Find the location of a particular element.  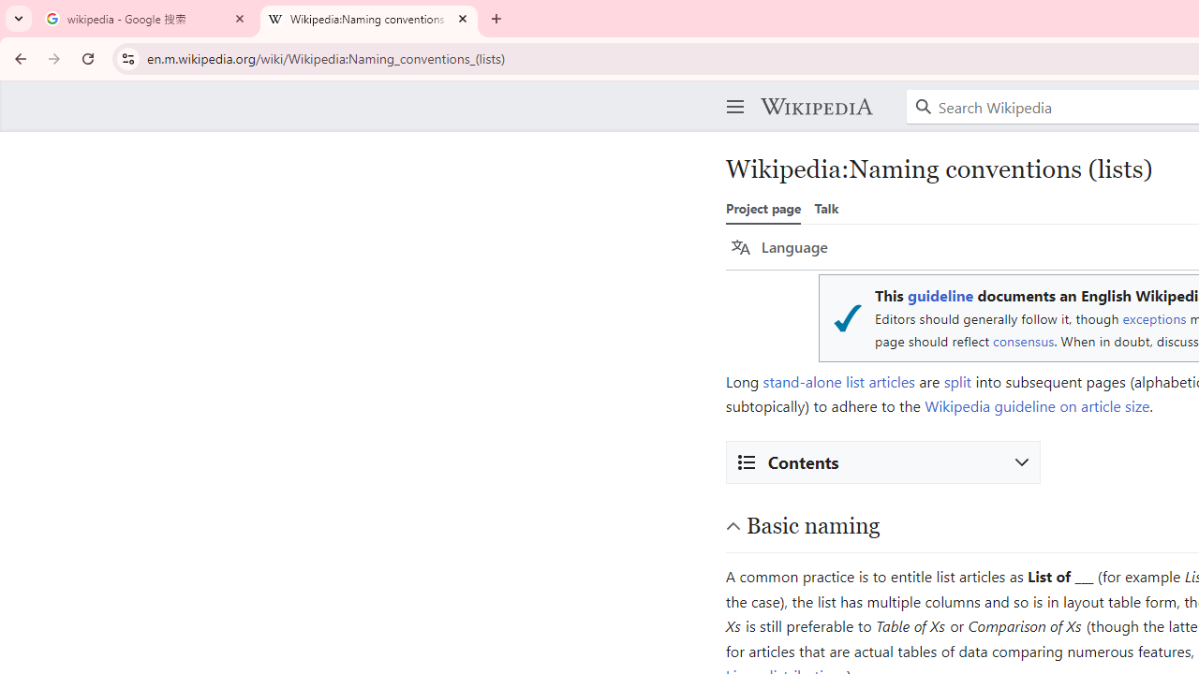

'consensus' is located at coordinates (1023, 341).